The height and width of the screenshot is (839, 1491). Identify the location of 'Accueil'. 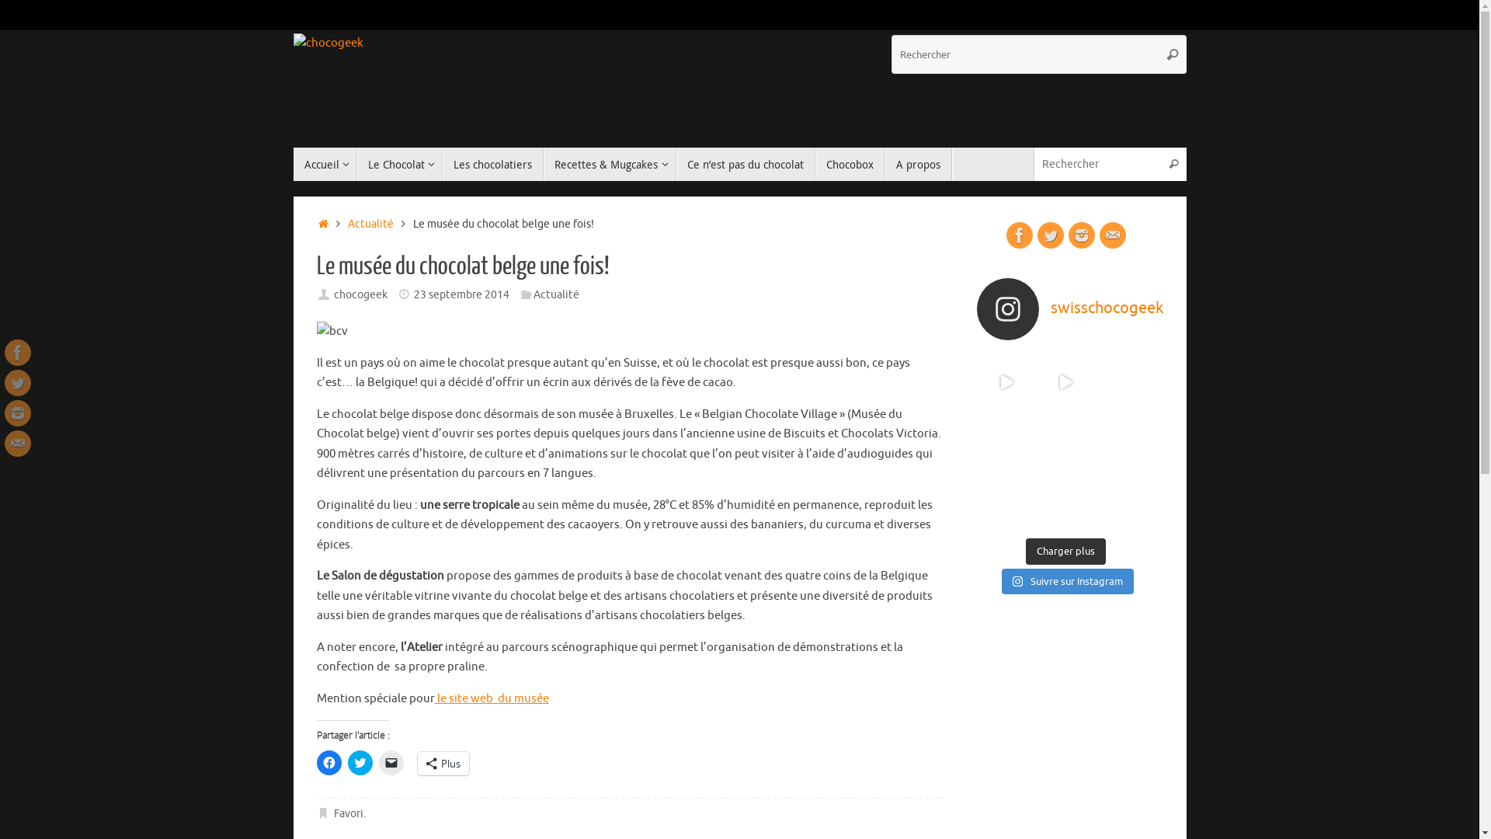
(294, 164).